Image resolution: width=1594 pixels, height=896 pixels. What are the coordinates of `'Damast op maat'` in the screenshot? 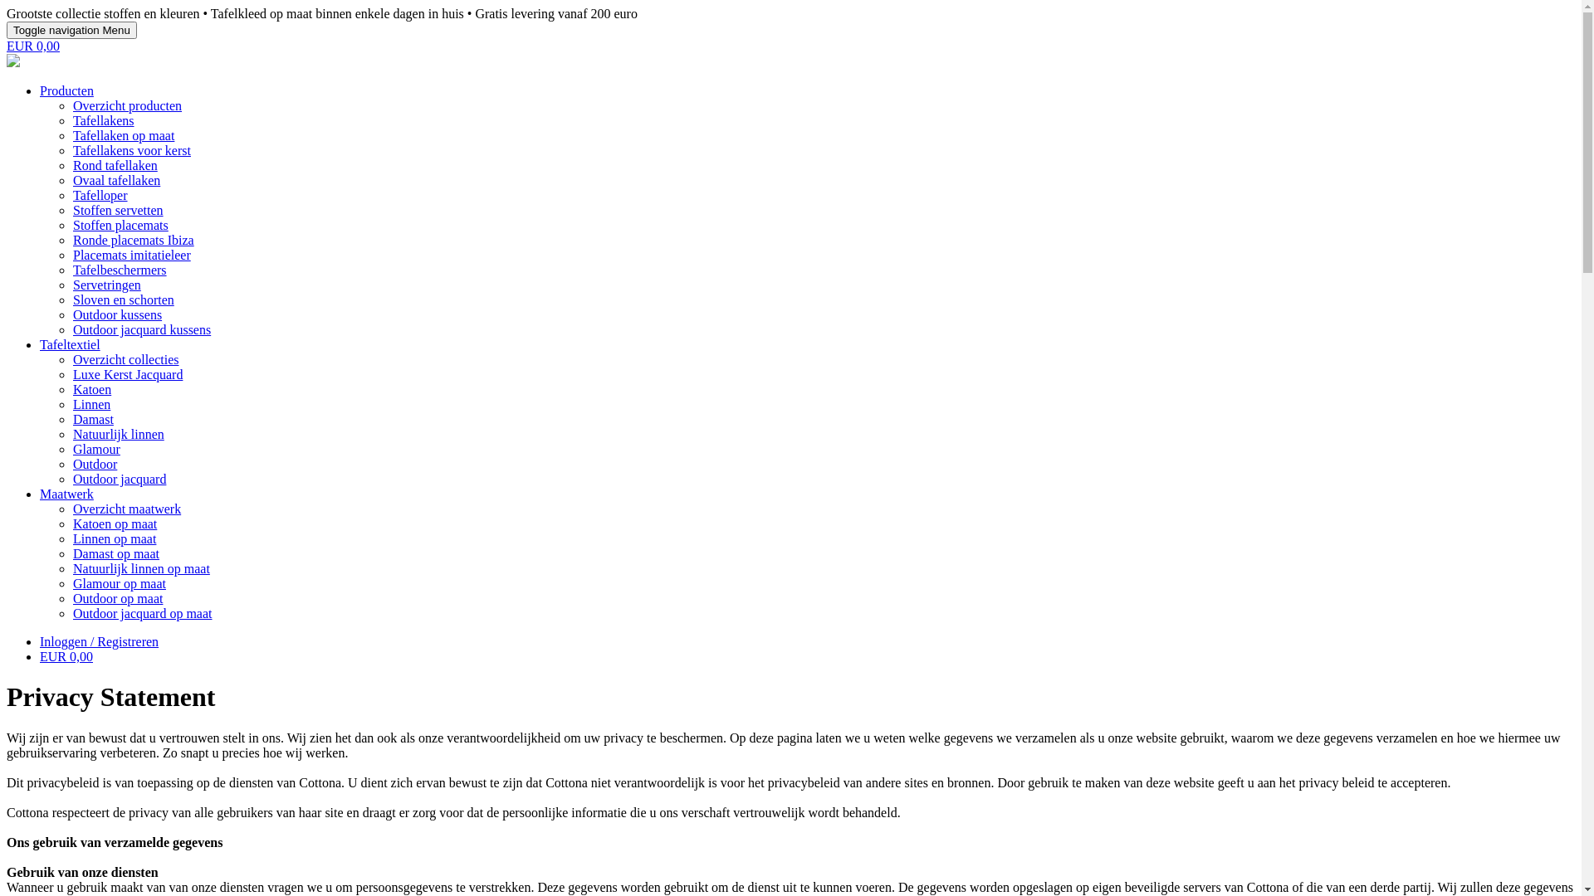 It's located at (115, 553).